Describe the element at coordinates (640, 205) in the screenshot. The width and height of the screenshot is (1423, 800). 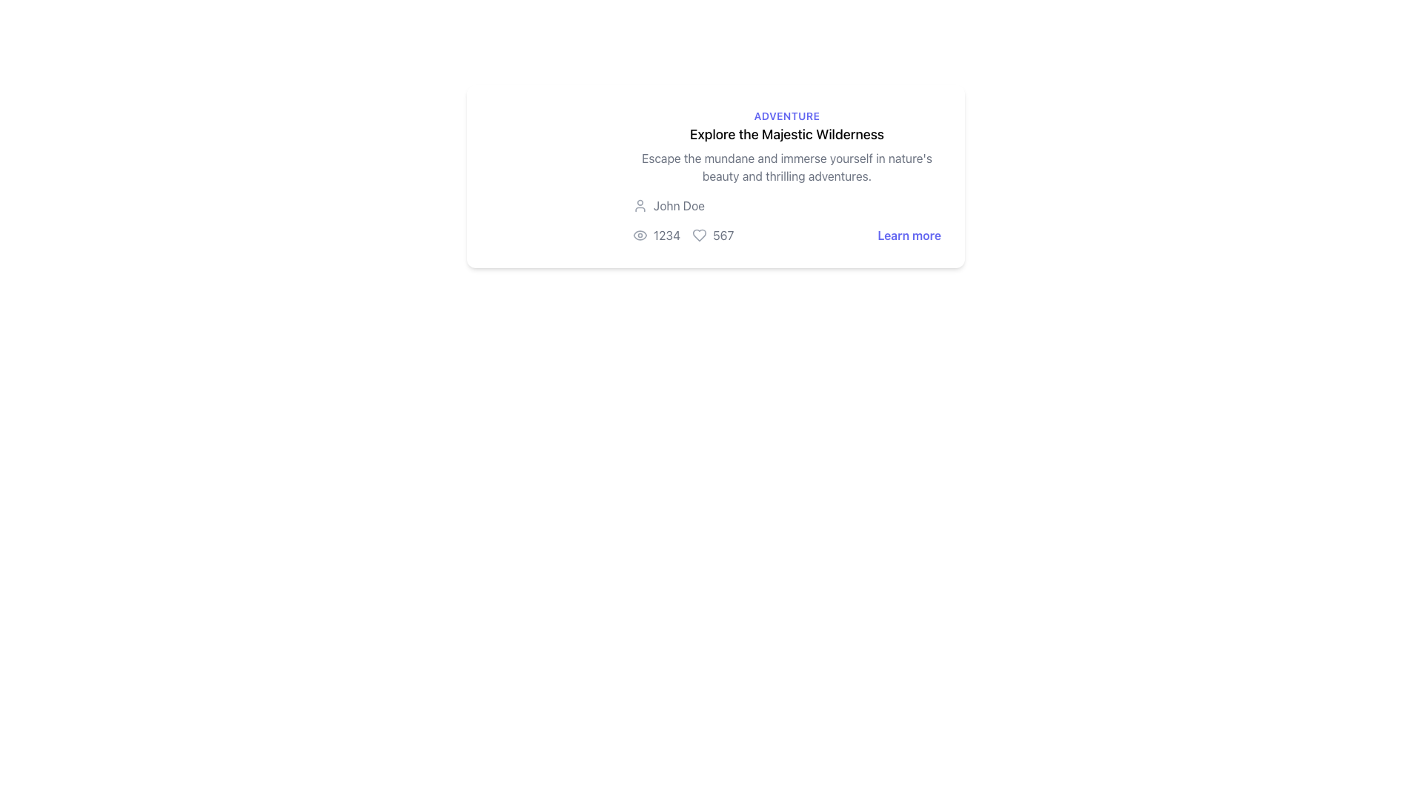
I see `the user profile icon located to the left of the username 'John Doe' in the metadata section` at that location.